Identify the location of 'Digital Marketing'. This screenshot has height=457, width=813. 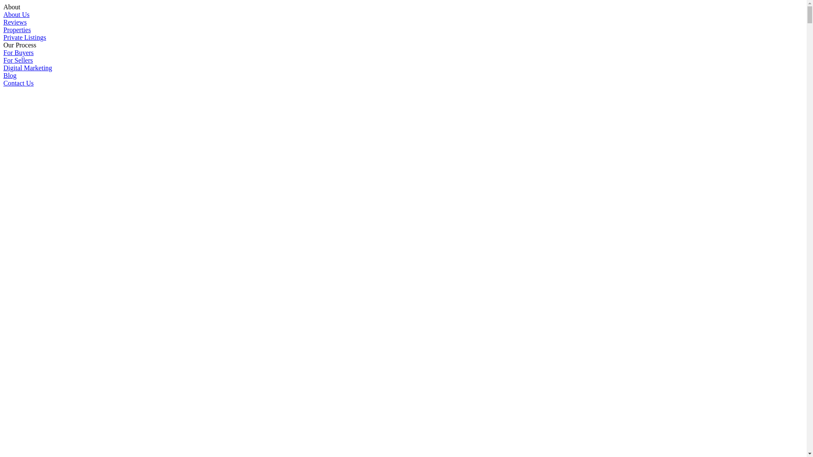
(3, 67).